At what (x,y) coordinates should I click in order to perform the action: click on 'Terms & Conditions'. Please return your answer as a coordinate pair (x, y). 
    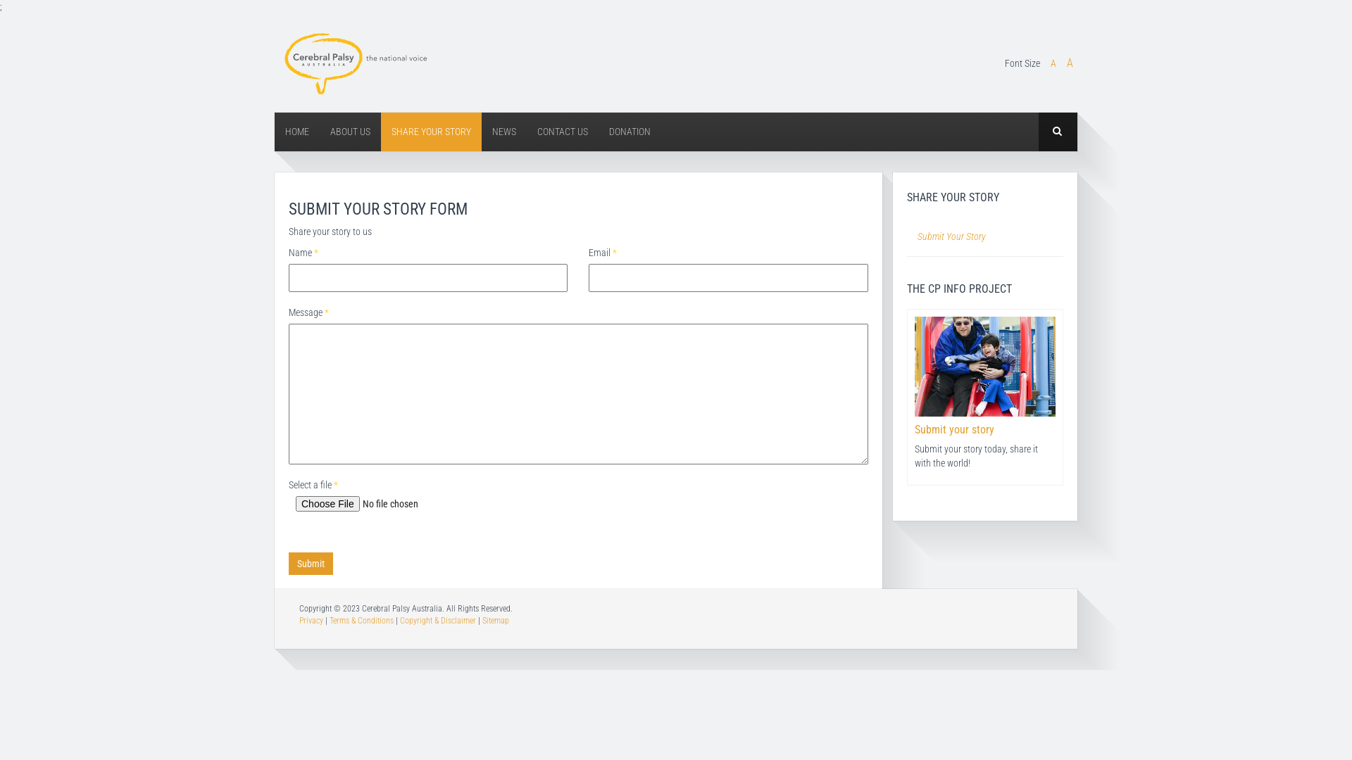
    Looking at the image, I should click on (361, 620).